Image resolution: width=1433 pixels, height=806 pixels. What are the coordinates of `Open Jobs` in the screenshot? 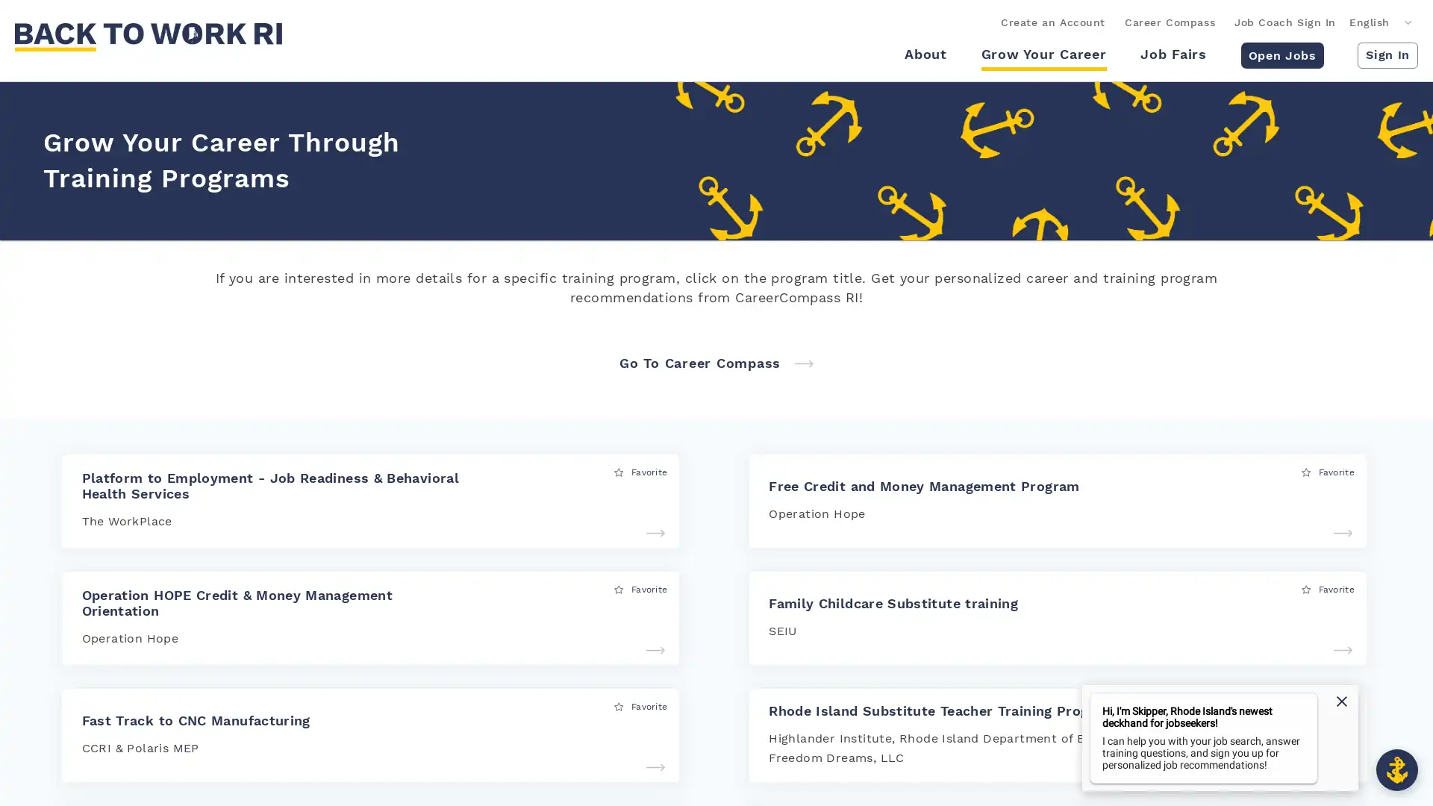 It's located at (1281, 54).